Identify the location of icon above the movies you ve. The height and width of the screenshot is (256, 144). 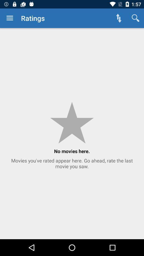
(135, 18).